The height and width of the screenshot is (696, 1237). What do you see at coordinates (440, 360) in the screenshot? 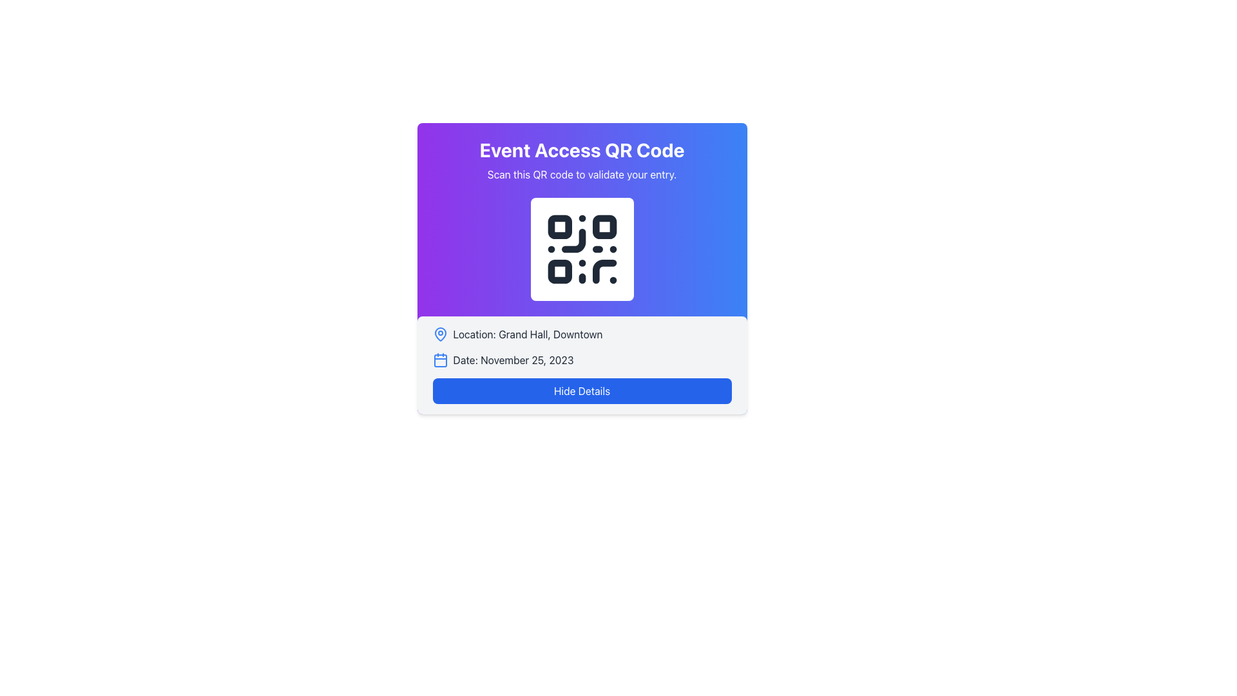
I see `the blue calendar icon located directly to the left of the date text 'Date: November 25, 2023'` at bounding box center [440, 360].